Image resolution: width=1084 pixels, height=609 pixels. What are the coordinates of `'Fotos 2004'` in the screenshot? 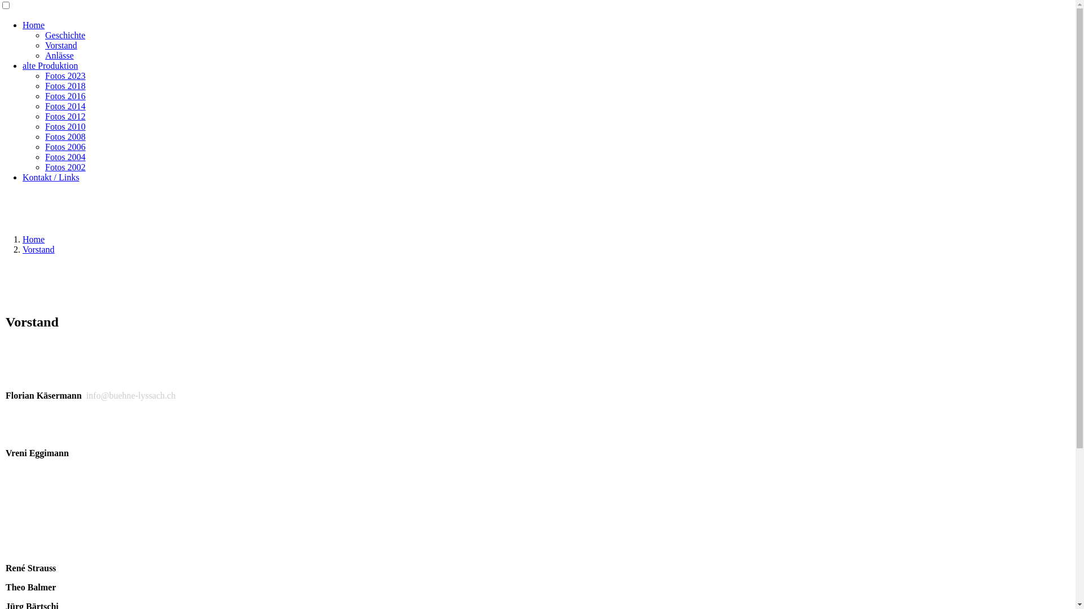 It's located at (64, 157).